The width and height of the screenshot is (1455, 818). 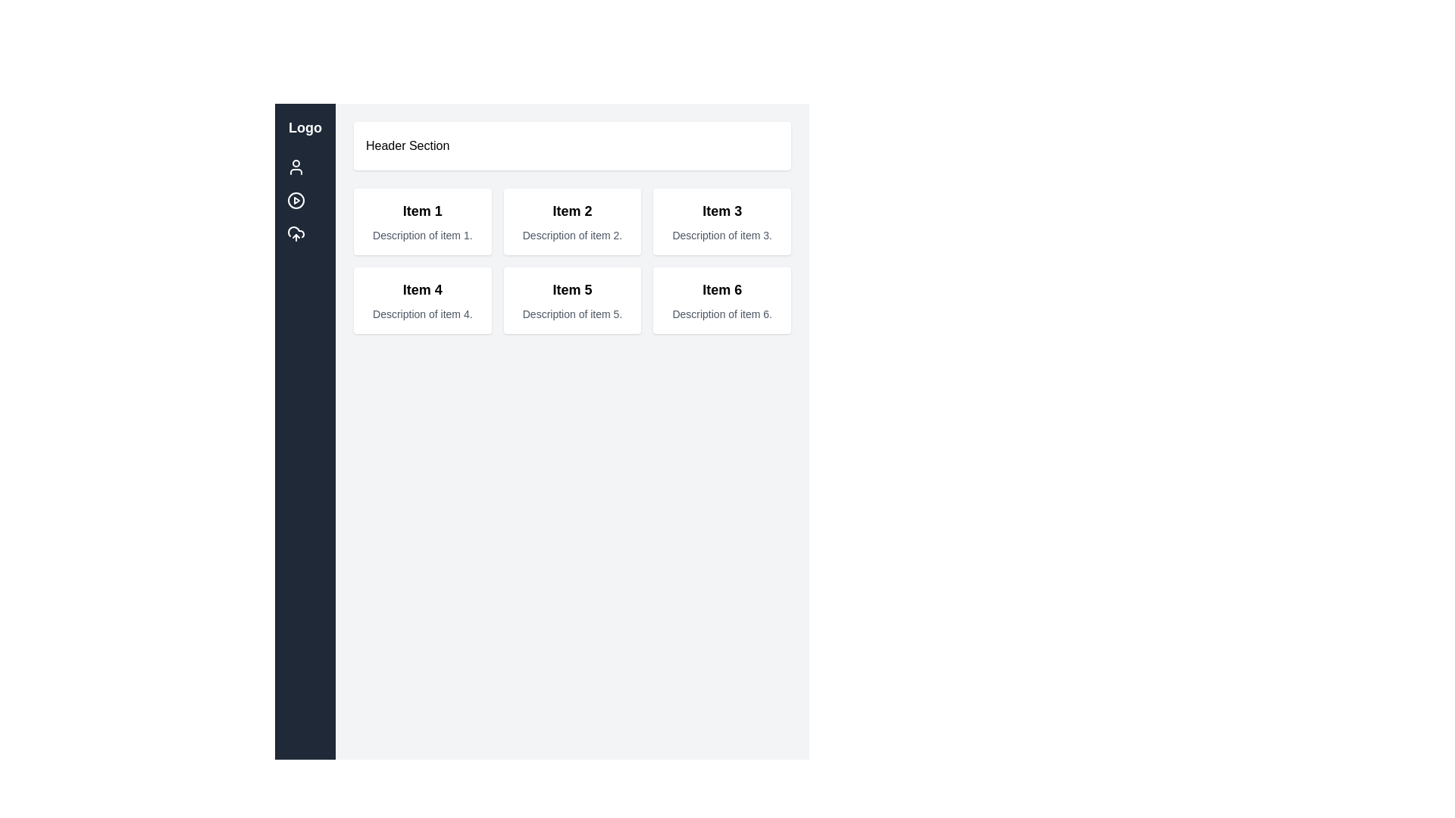 What do you see at coordinates (721, 236) in the screenshot?
I see `static text label that provides a description about 'Item 3', located below the heading of the same name` at bounding box center [721, 236].